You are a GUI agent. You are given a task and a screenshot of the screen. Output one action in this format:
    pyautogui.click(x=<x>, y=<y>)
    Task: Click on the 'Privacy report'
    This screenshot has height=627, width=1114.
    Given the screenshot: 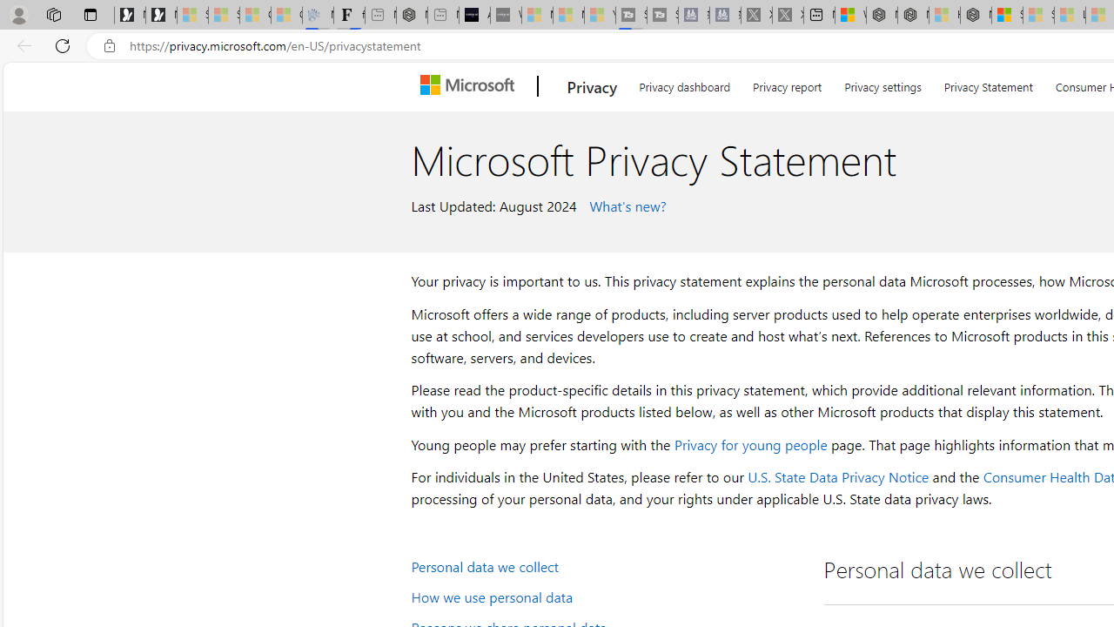 What is the action you would take?
    pyautogui.click(x=786, y=84)
    